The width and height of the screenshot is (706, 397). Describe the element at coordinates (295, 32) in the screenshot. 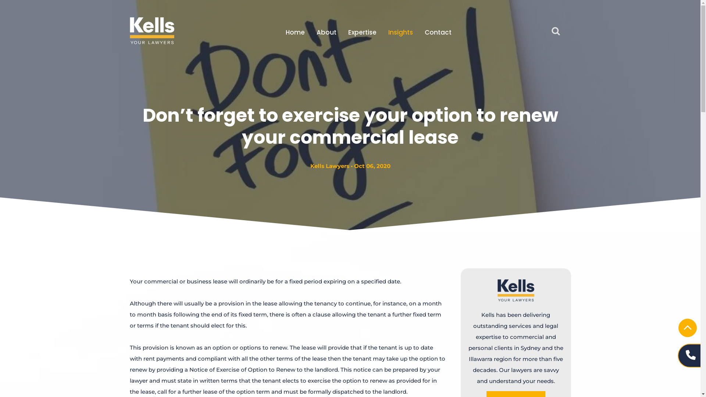

I see `'Home'` at that location.